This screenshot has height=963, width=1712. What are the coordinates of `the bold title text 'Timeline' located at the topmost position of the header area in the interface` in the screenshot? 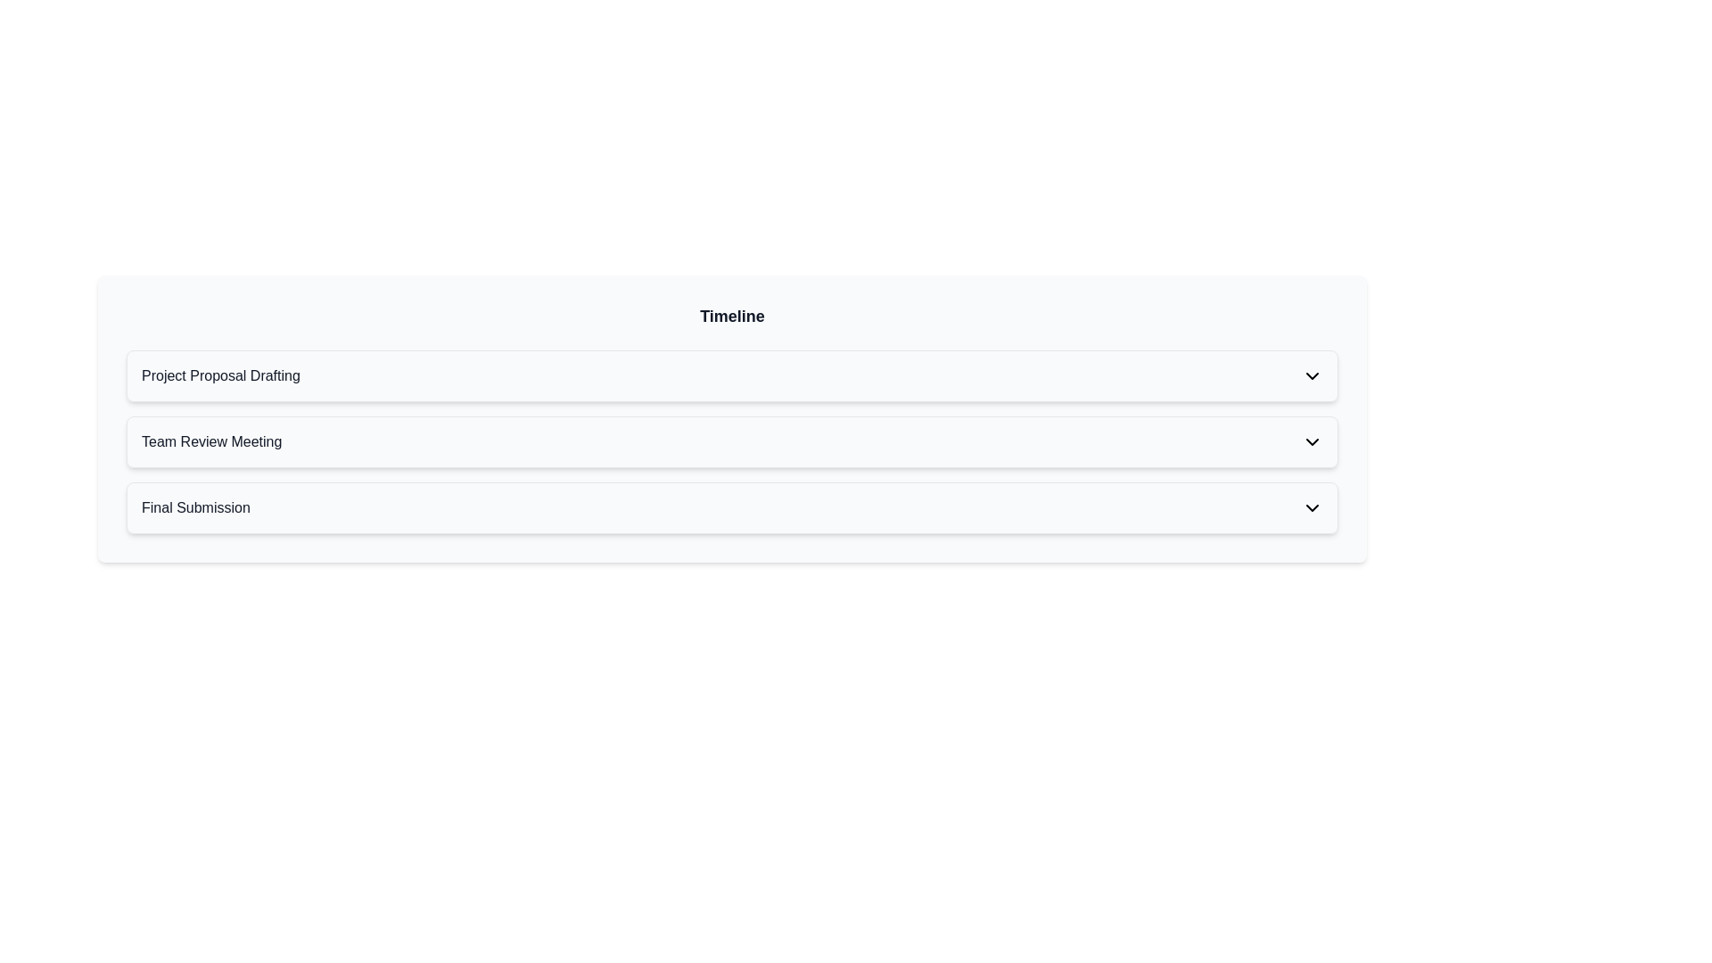 It's located at (732, 315).